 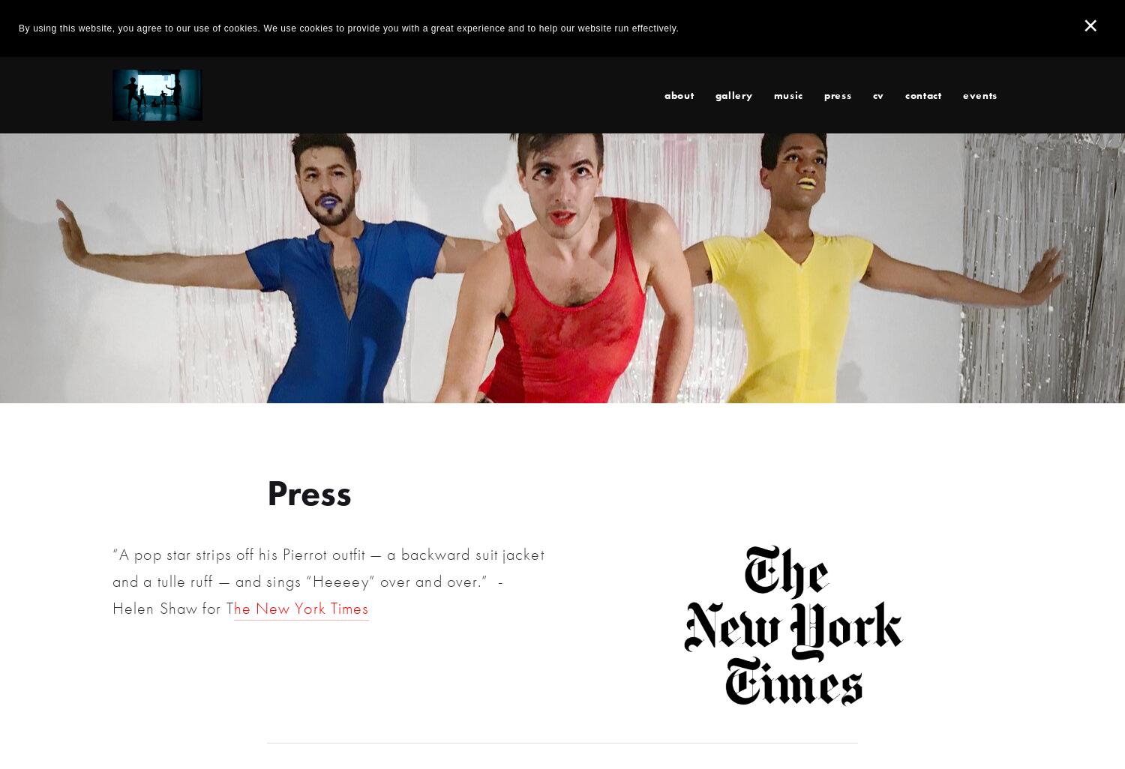 I want to click on 'Contact', so click(x=922, y=94).